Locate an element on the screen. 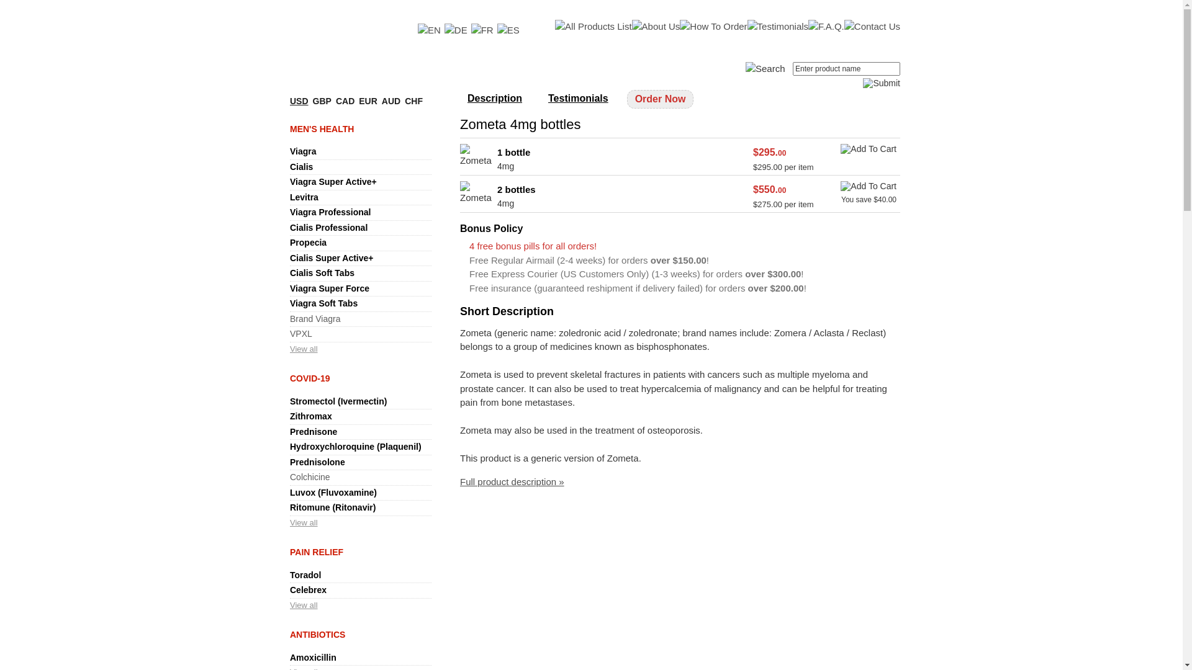 Image resolution: width=1192 pixels, height=670 pixels. 'Celebrex' is located at coordinates (289, 589).